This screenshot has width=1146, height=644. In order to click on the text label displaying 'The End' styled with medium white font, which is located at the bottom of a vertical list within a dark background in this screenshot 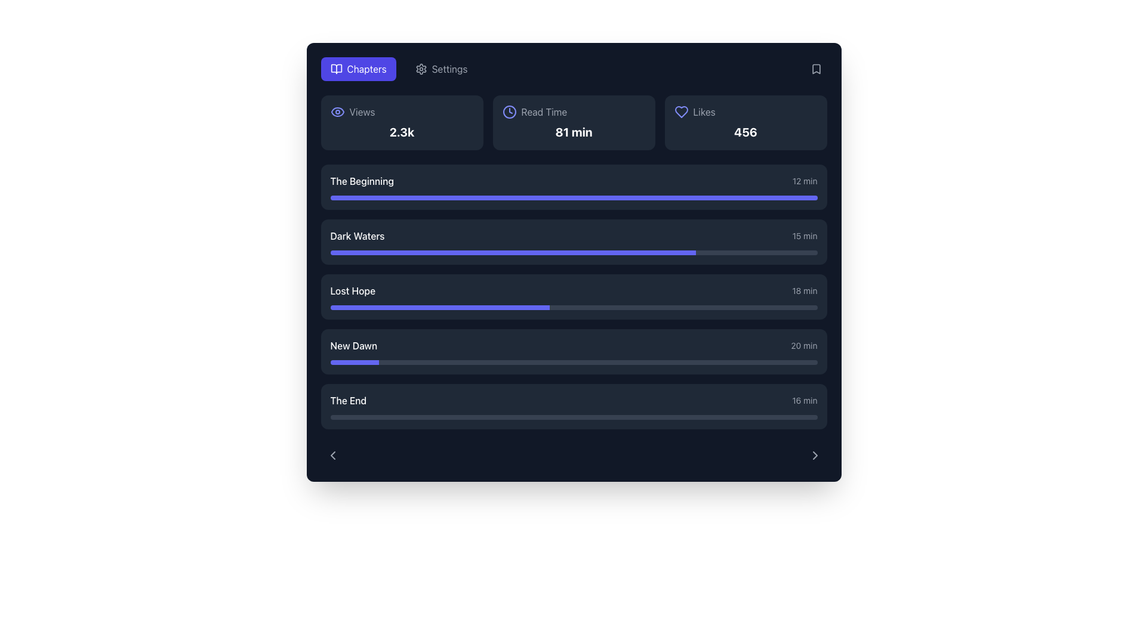, I will do `click(347, 400)`.